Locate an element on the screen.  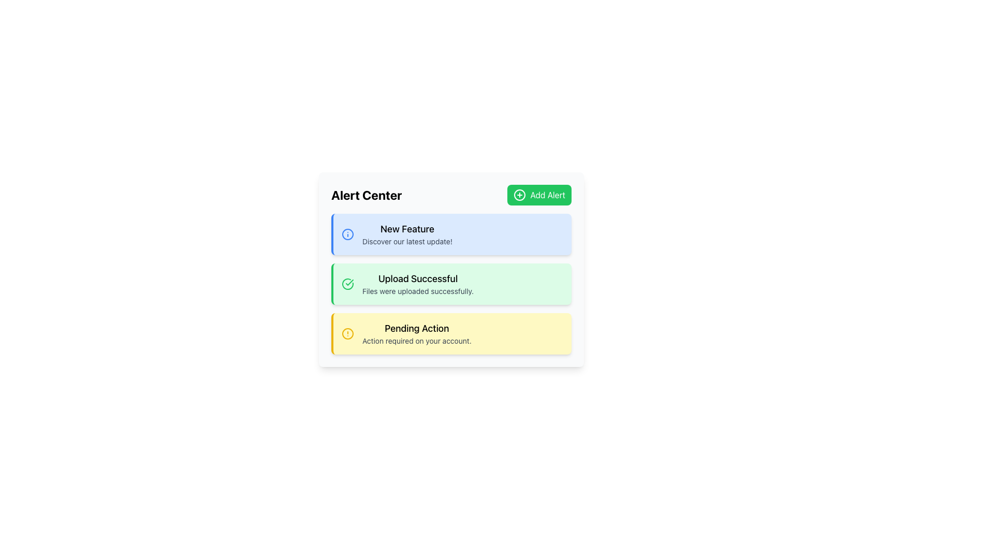
the alert box containing the message 'Upload Successful' which is visually emphasized with a green background and rounded corners is located at coordinates (418, 284).